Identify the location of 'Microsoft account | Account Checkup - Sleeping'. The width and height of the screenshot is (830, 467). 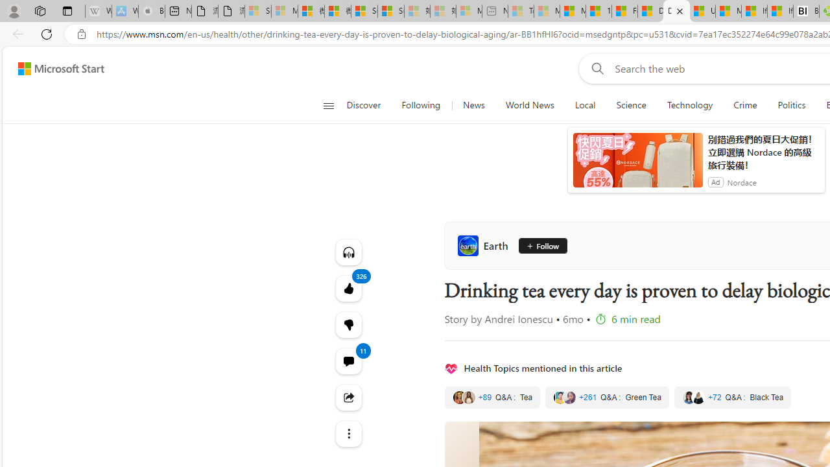
(468, 11).